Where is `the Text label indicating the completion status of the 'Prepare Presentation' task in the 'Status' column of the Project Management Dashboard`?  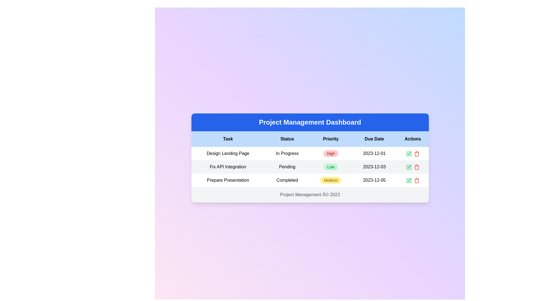
the Text label indicating the completion status of the 'Prepare Presentation' task in the 'Status' column of the Project Management Dashboard is located at coordinates (287, 180).